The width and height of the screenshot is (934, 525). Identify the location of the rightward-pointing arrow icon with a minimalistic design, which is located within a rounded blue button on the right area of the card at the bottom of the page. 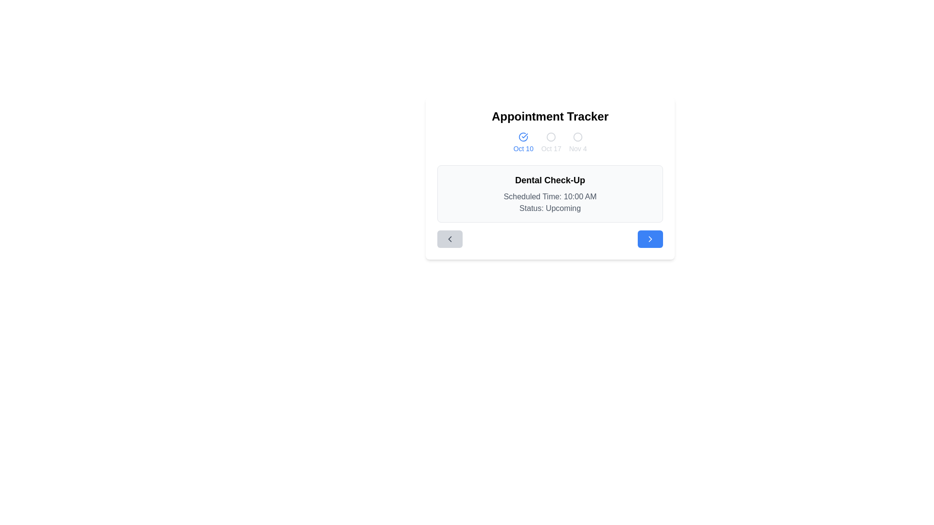
(650, 239).